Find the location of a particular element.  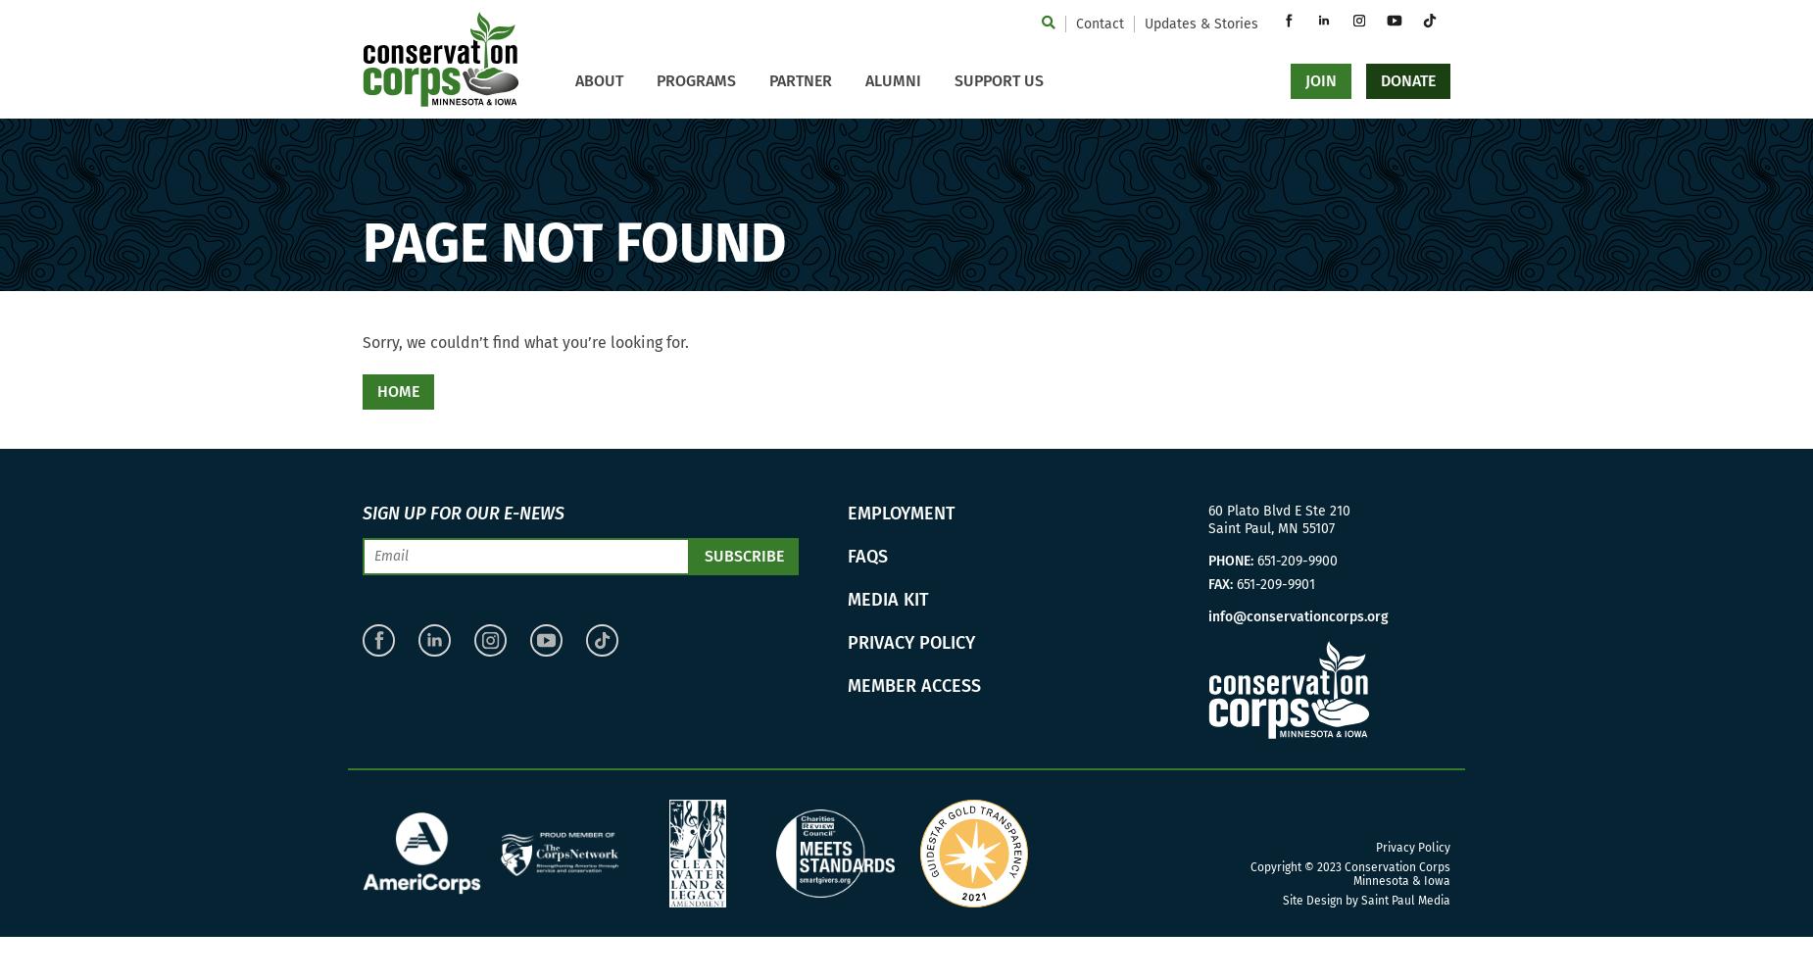

'Join' is located at coordinates (1318, 79).